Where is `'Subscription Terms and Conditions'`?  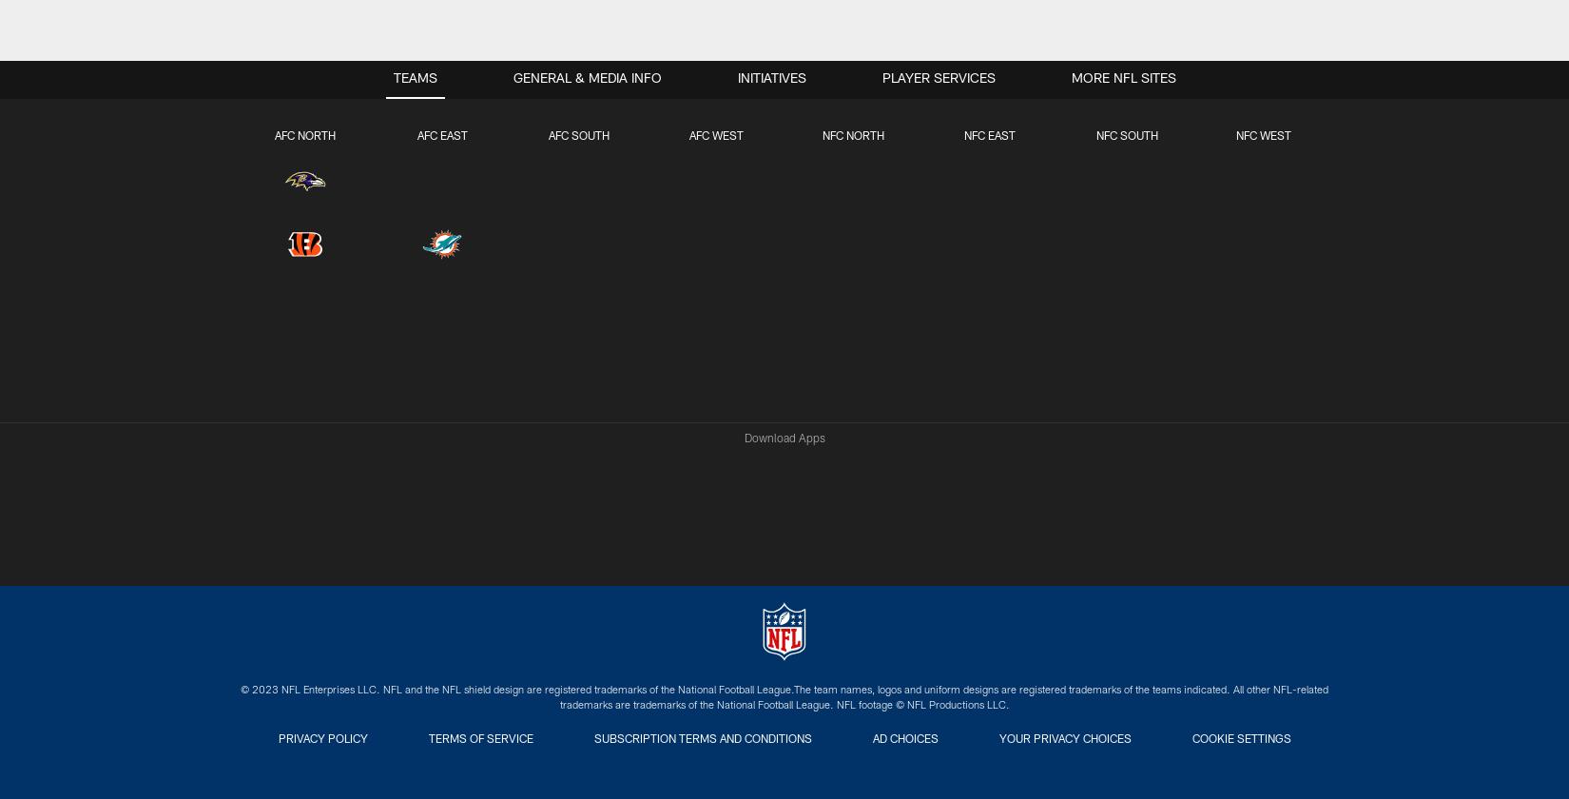 'Subscription Terms and Conditions' is located at coordinates (701, 740).